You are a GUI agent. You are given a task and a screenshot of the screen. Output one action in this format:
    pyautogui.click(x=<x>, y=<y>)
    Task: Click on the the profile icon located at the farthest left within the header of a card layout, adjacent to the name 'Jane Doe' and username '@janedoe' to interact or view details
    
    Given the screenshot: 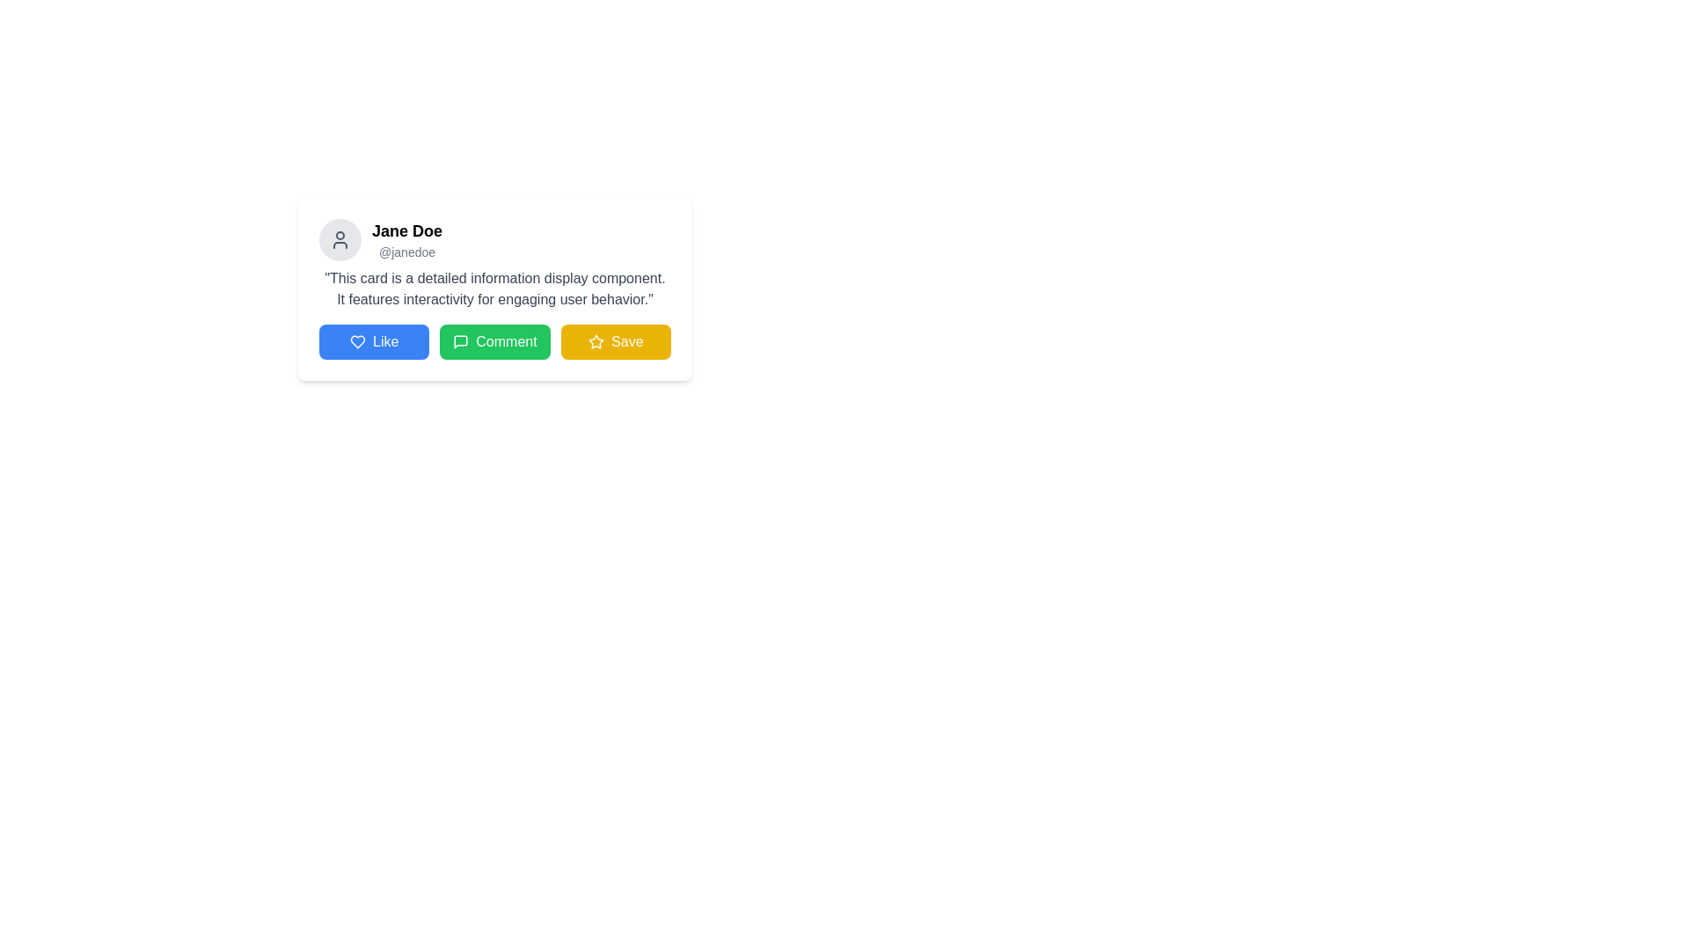 What is the action you would take?
    pyautogui.click(x=340, y=240)
    